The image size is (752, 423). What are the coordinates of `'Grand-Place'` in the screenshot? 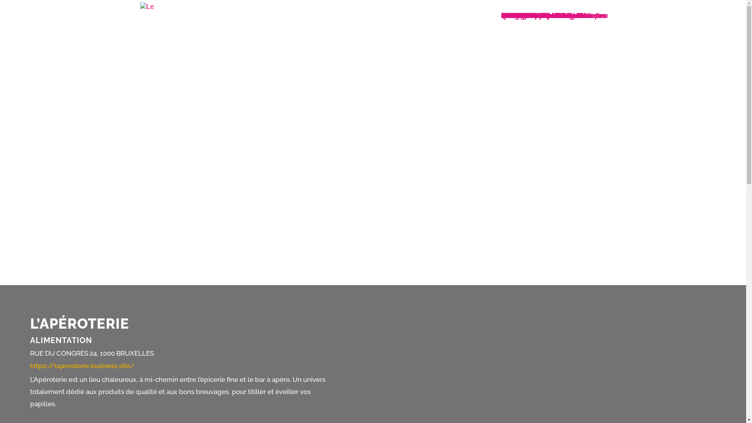 It's located at (521, 15).